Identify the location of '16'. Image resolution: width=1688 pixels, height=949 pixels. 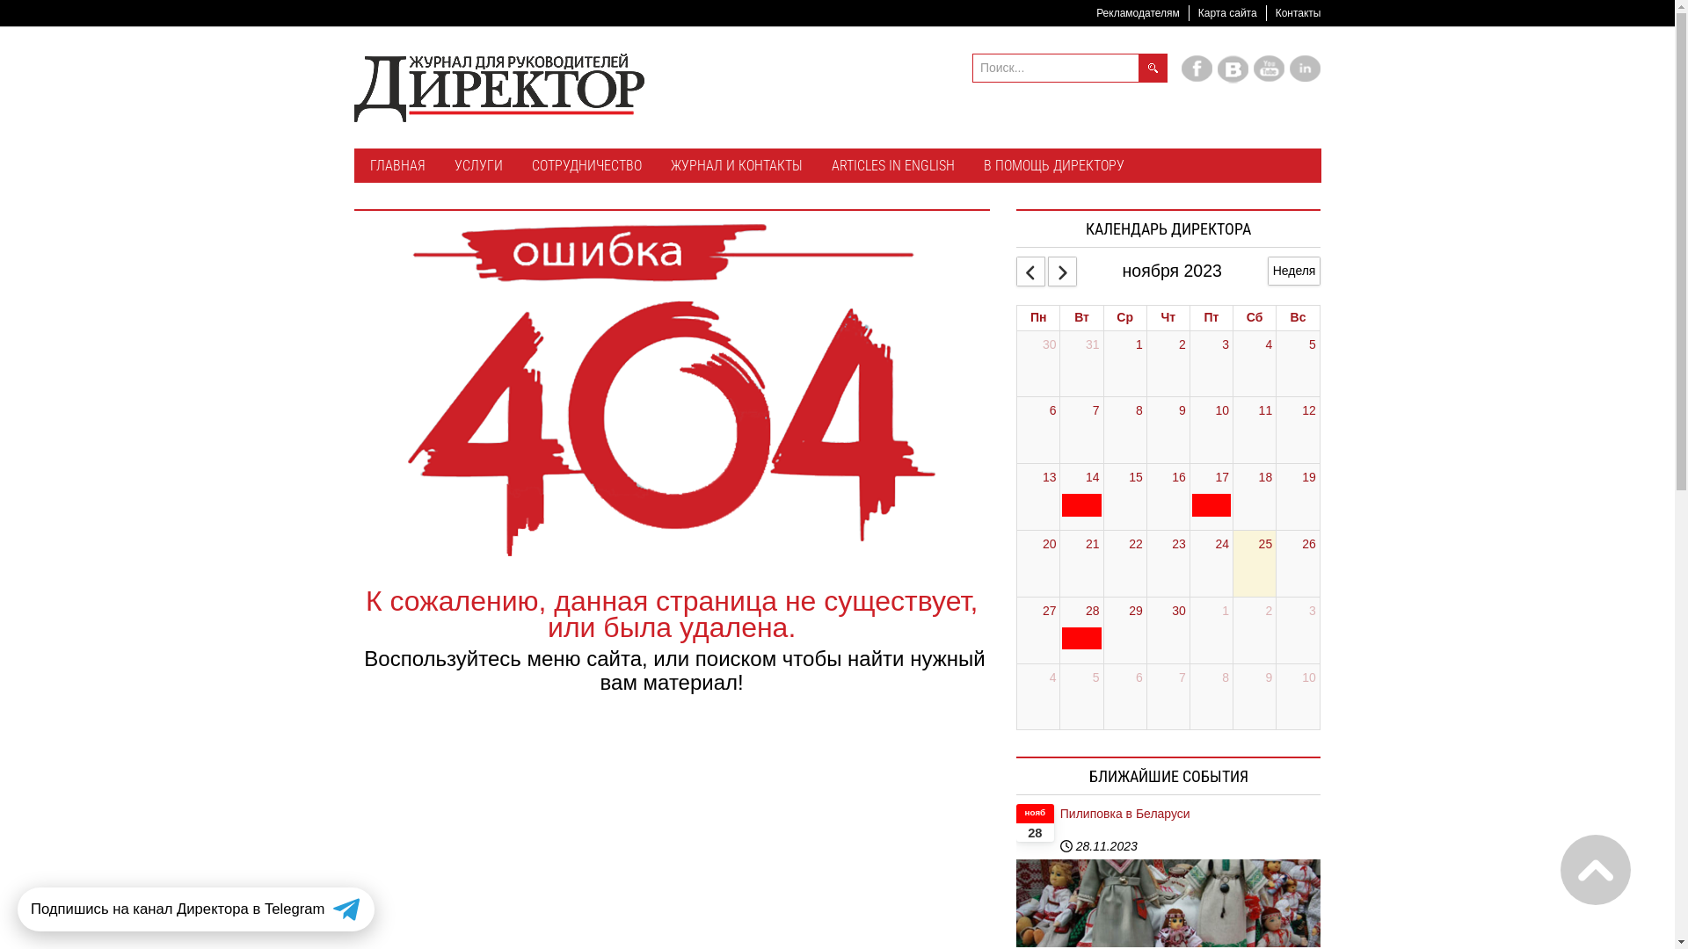
(1178, 477).